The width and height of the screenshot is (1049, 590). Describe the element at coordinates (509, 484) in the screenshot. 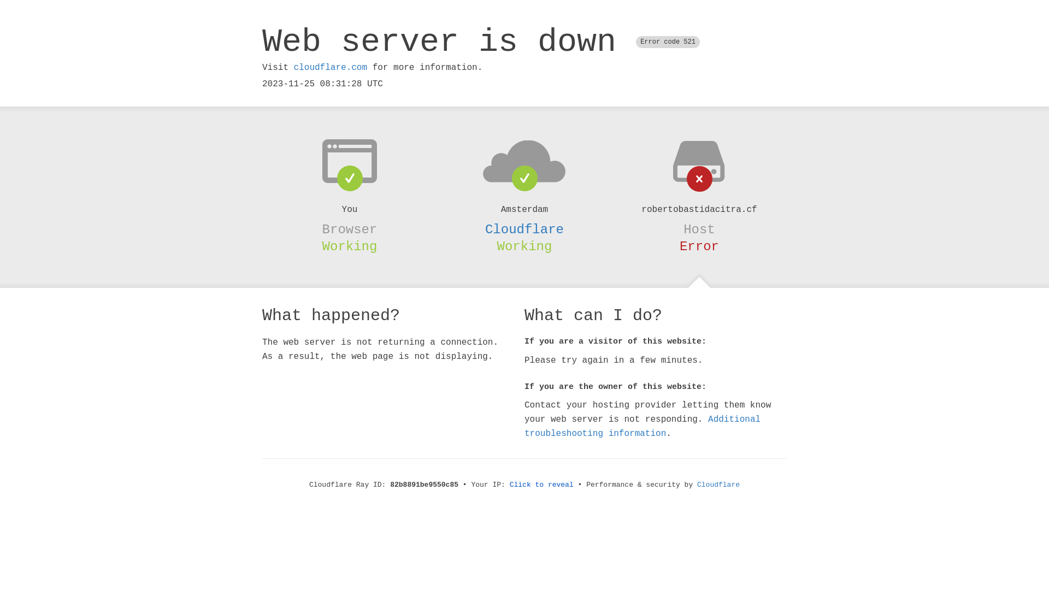

I see `'Click to reveal'` at that location.